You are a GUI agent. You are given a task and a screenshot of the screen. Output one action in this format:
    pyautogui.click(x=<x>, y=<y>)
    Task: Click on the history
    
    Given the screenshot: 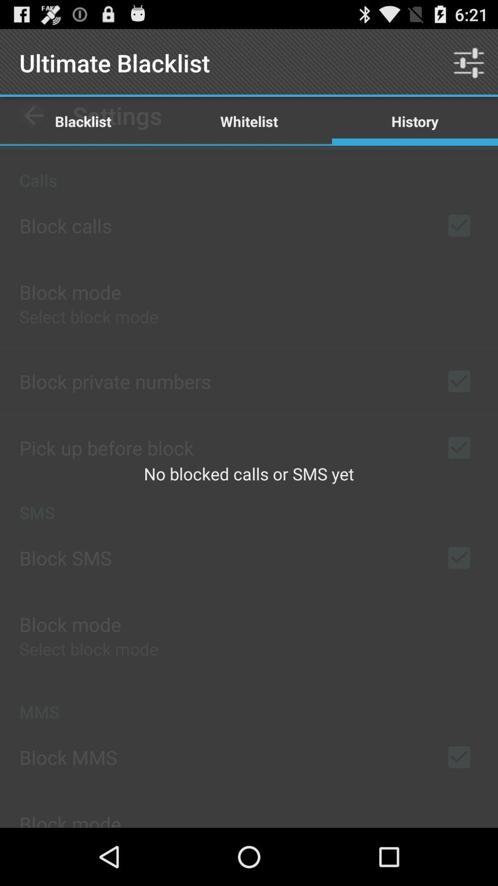 What is the action you would take?
    pyautogui.click(x=414, y=120)
    